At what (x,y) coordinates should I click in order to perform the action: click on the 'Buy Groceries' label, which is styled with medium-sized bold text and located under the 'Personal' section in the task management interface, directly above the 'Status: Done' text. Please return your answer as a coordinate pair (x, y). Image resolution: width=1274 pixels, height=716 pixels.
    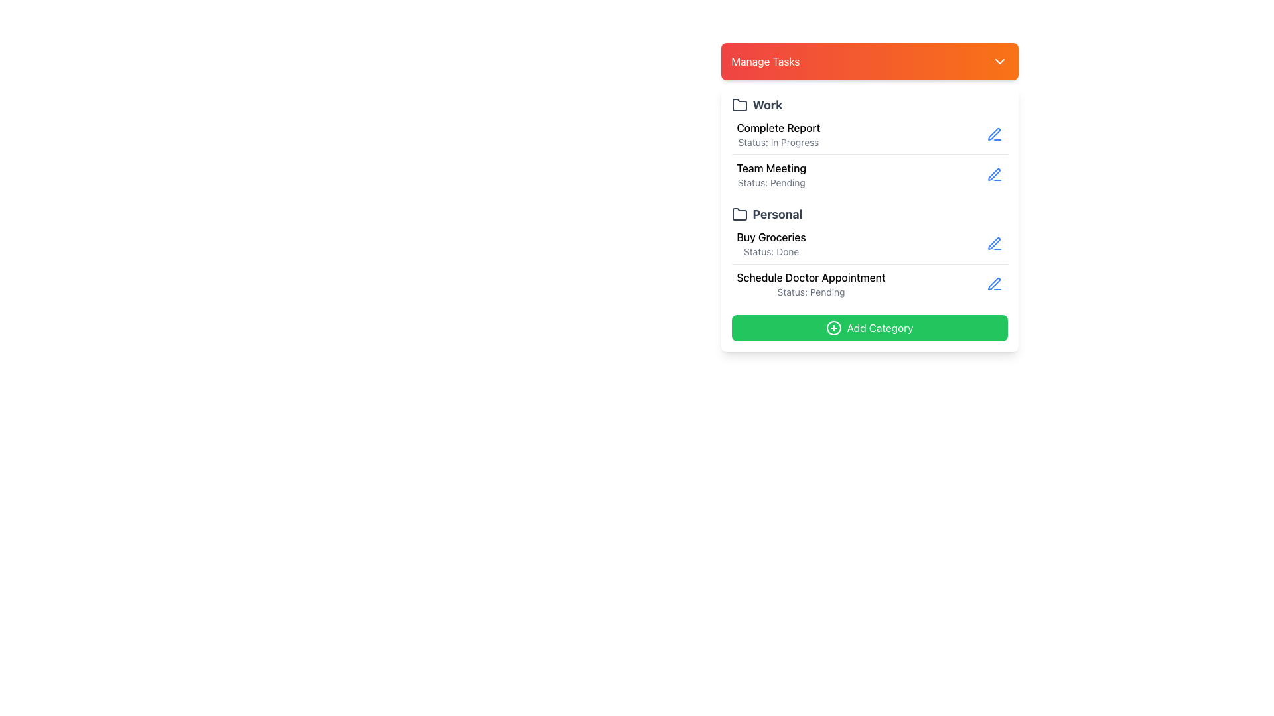
    Looking at the image, I should click on (771, 237).